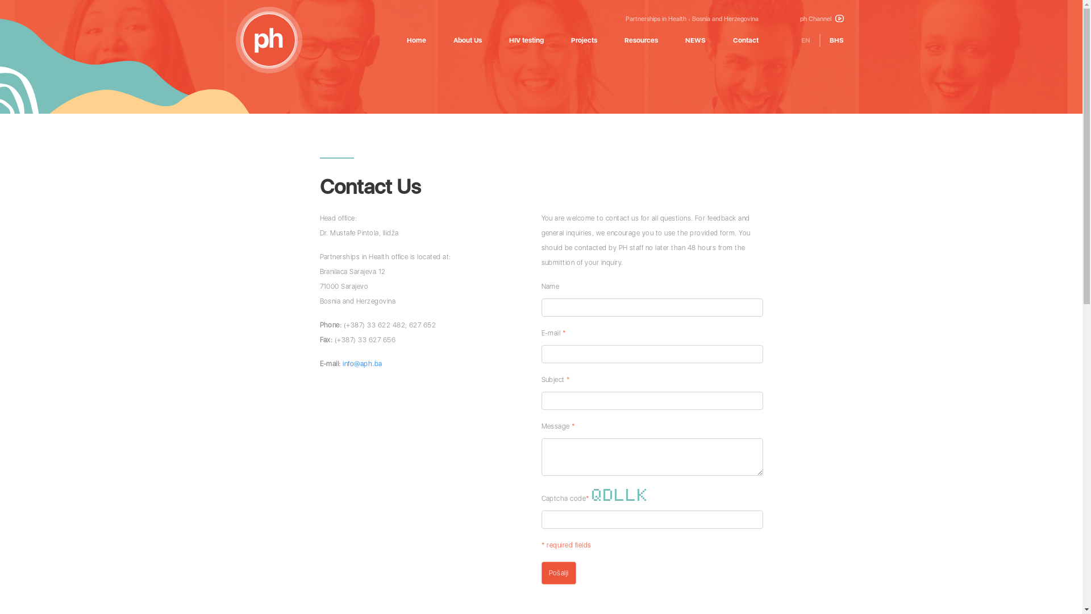  I want to click on 'Resources', so click(640, 39).